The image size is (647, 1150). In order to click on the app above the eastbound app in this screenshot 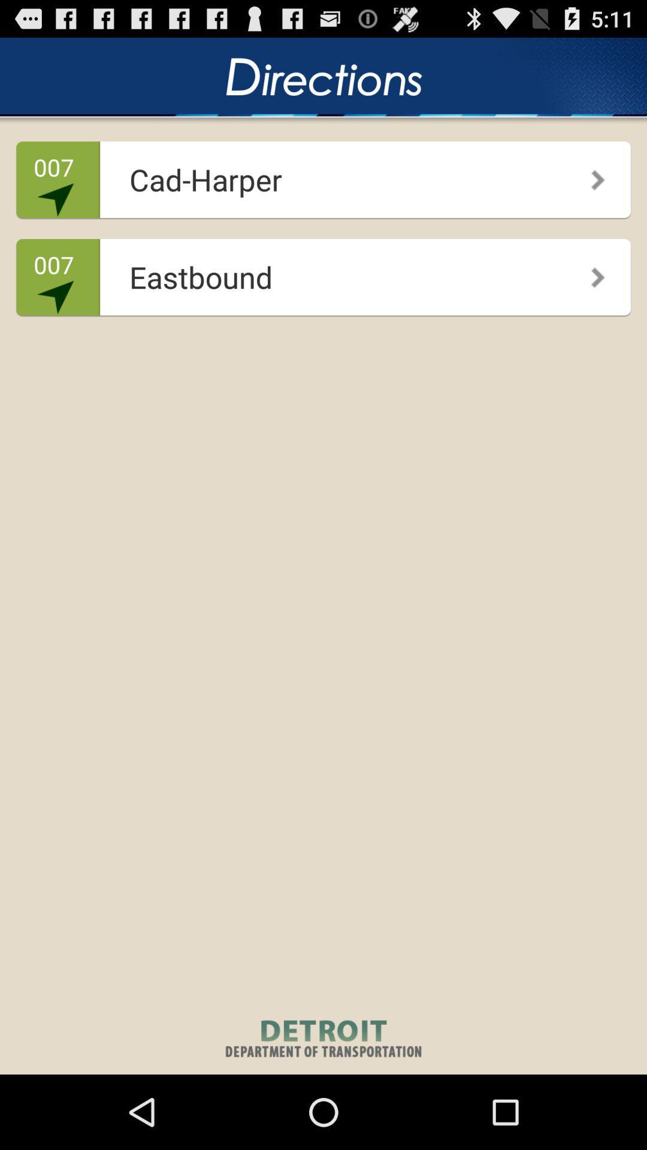, I will do `click(589, 175)`.